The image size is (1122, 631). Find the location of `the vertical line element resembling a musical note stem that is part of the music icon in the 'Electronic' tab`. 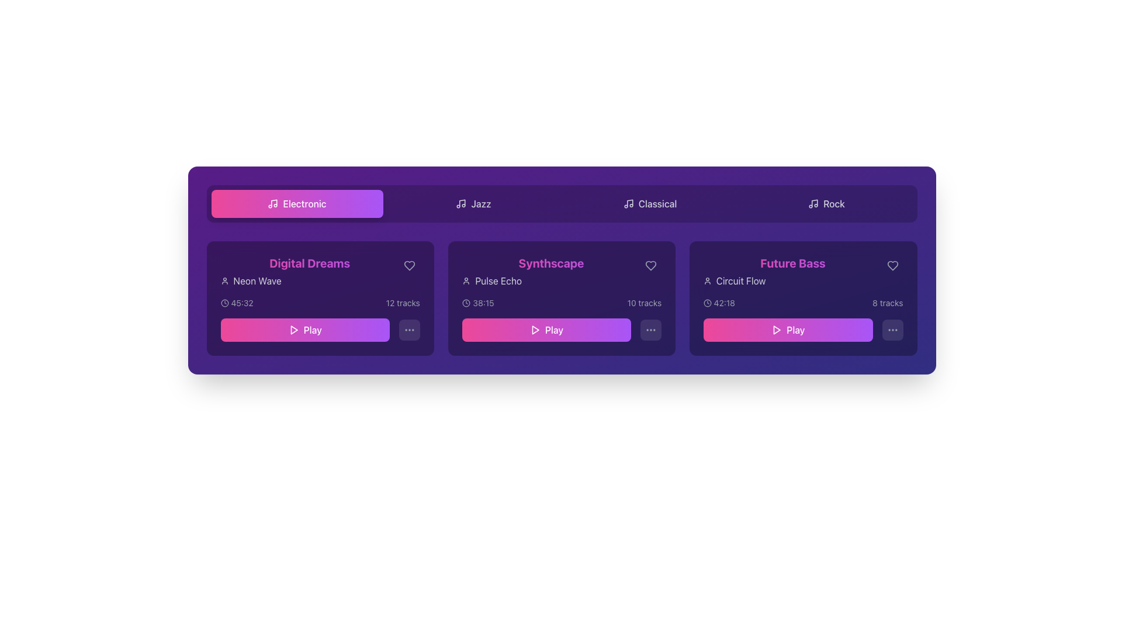

the vertical line element resembling a musical note stem that is part of the music icon in the 'Electronic' tab is located at coordinates (273, 202).